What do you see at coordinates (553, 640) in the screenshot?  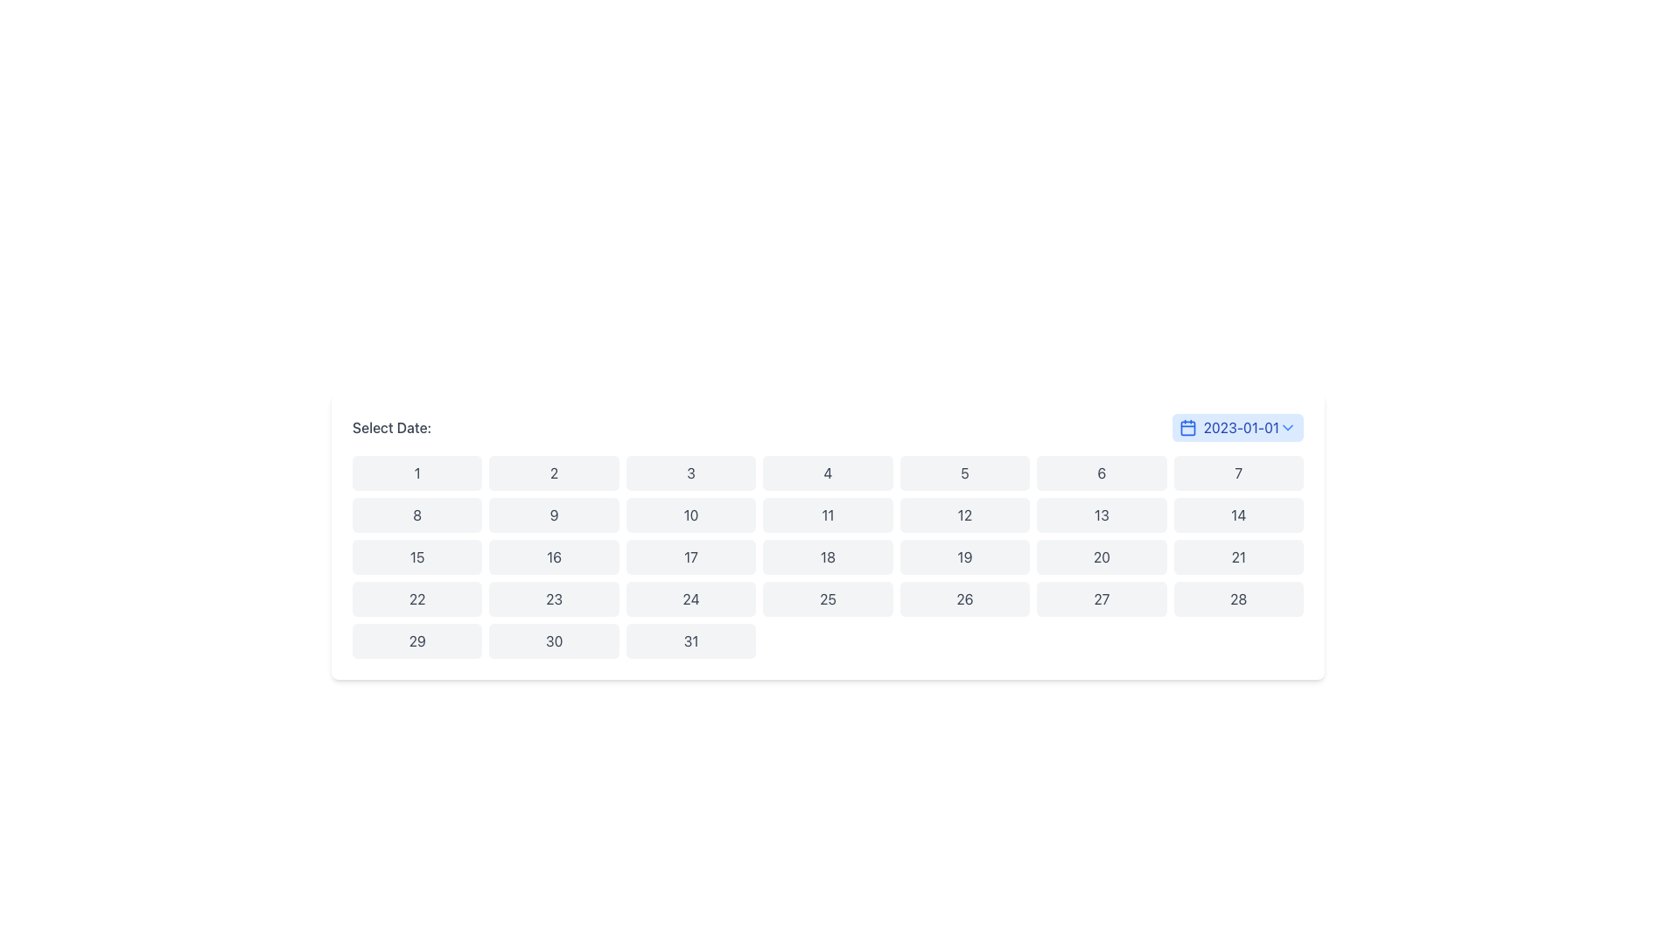 I see `the button representing date '30' in a calendar interface` at bounding box center [553, 640].